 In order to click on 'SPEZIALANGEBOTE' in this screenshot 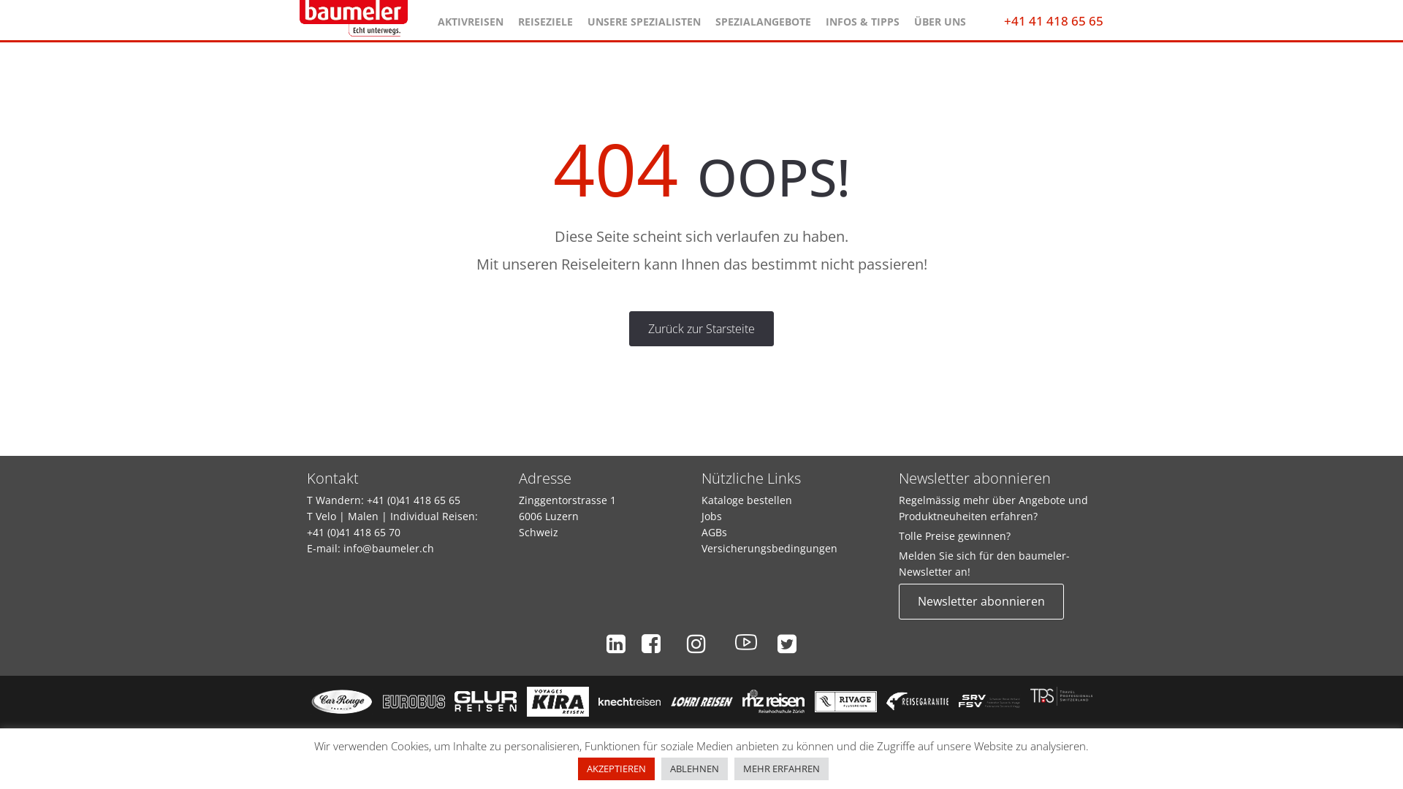, I will do `click(761, 18)`.